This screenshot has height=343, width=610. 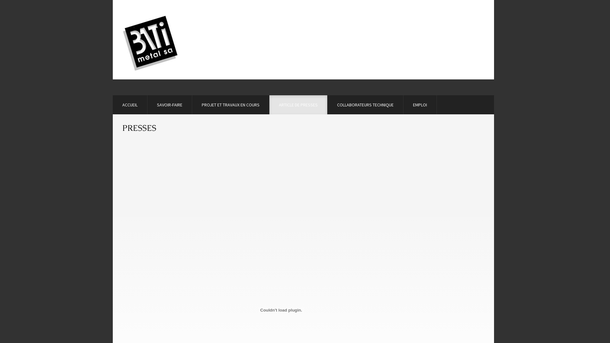 I want to click on 'COLLABORATEURS TECHNIQUE', so click(x=365, y=104).